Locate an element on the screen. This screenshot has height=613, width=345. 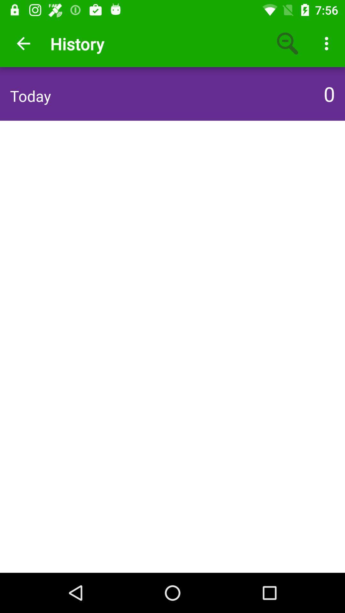
icon to the left of history app is located at coordinates (23, 43).